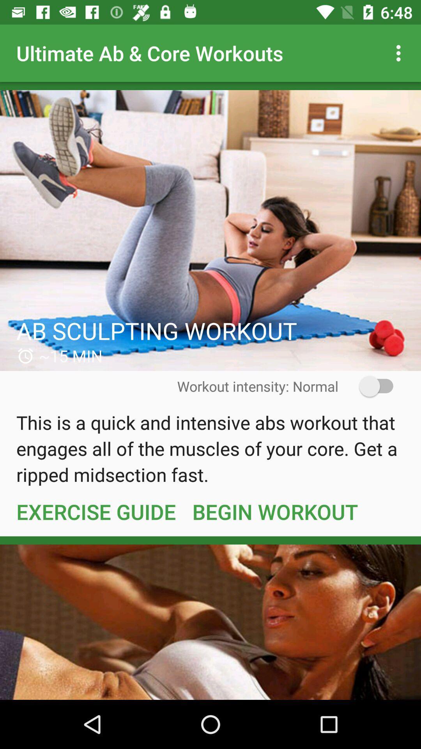 This screenshot has height=749, width=421. Describe the element at coordinates (210, 230) in the screenshot. I see `open article` at that location.